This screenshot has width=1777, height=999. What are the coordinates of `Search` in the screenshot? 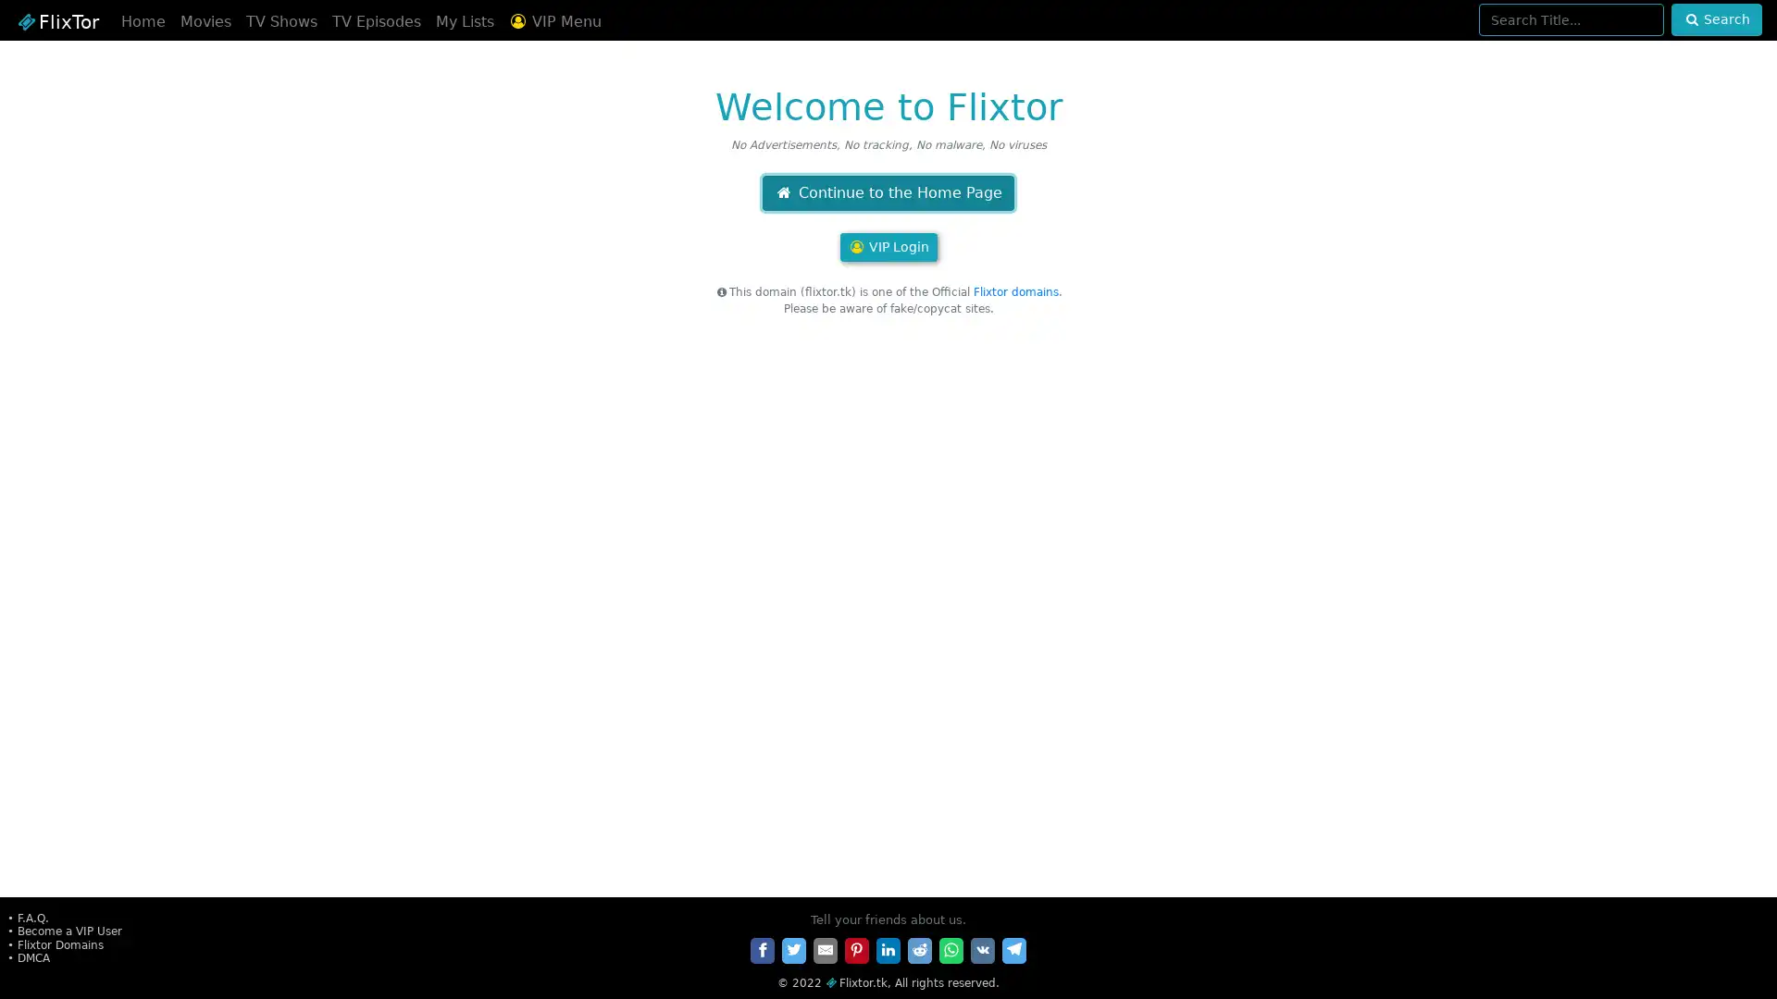 It's located at (1715, 19).